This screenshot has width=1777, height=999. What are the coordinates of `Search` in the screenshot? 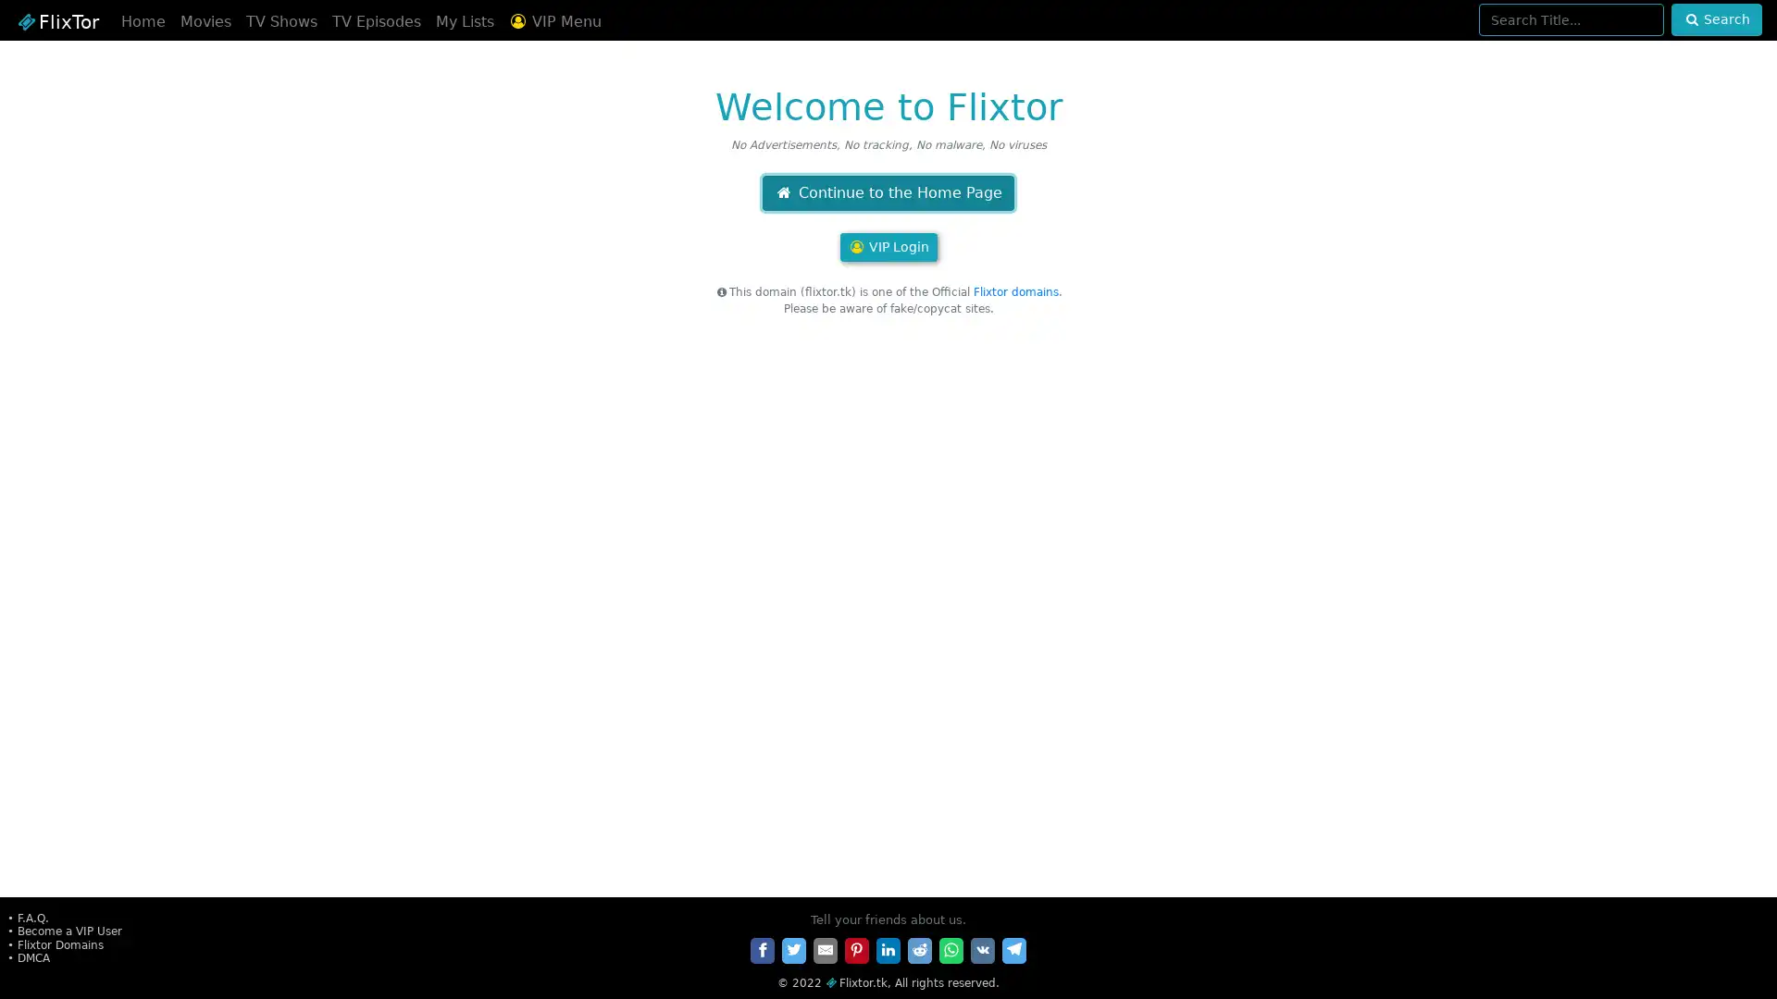 It's located at (1715, 19).